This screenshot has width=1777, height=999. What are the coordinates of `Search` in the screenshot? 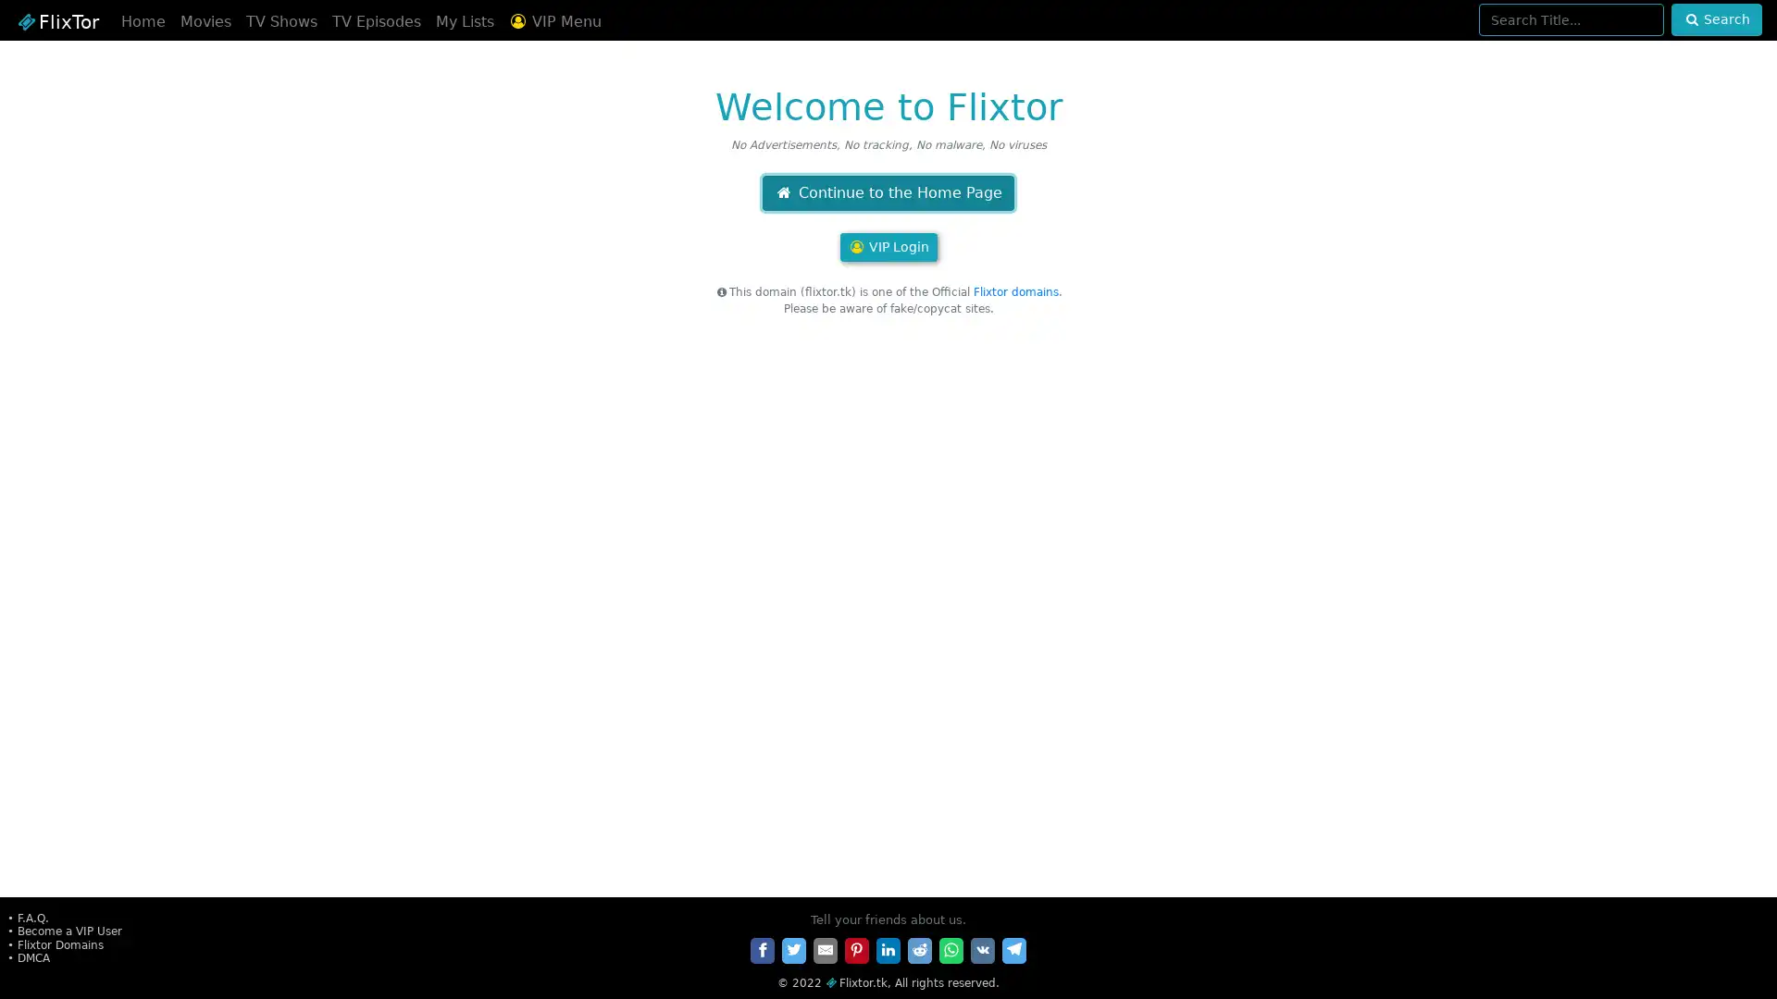 It's located at (1715, 19).